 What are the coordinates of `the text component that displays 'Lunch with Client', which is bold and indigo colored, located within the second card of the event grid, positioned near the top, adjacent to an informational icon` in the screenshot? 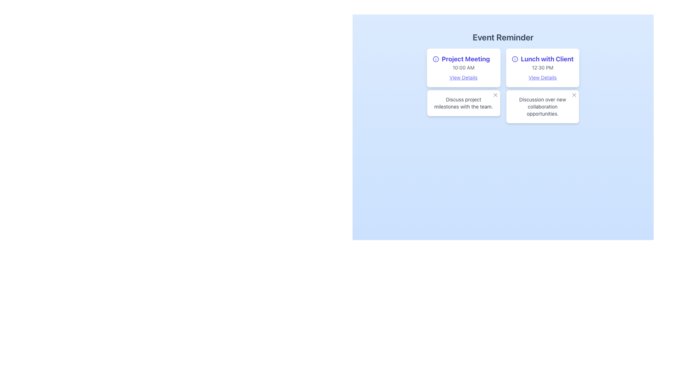 It's located at (542, 59).